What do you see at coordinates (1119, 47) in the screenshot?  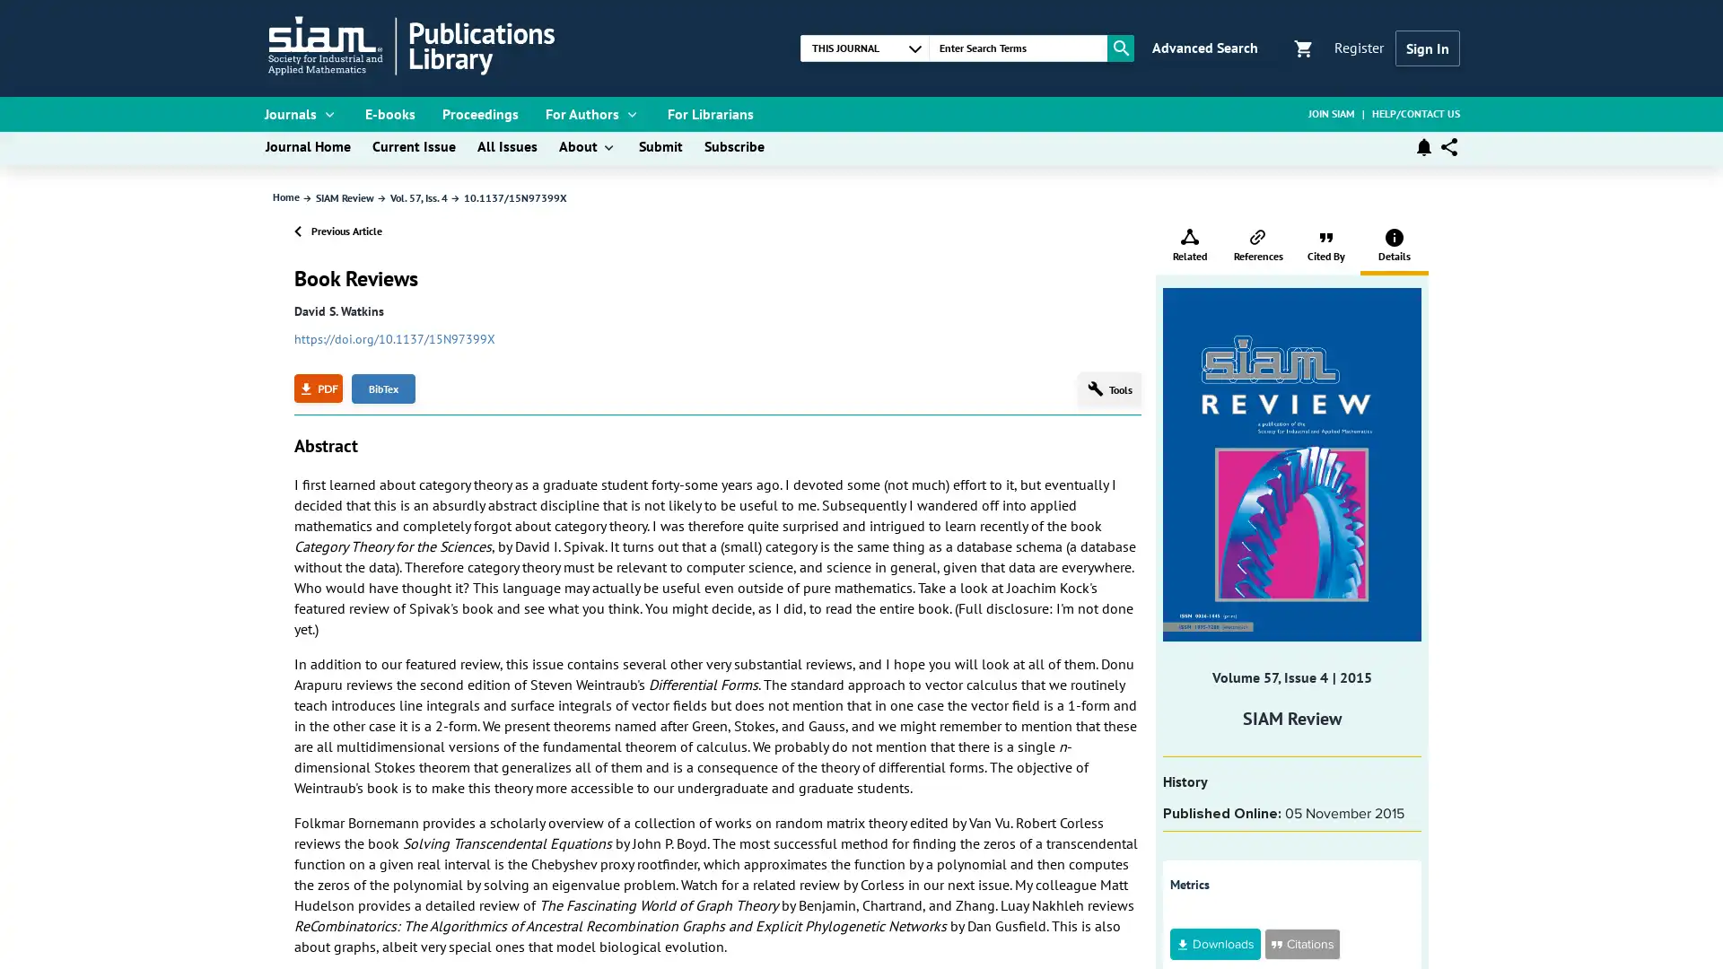 I see `Search` at bounding box center [1119, 47].